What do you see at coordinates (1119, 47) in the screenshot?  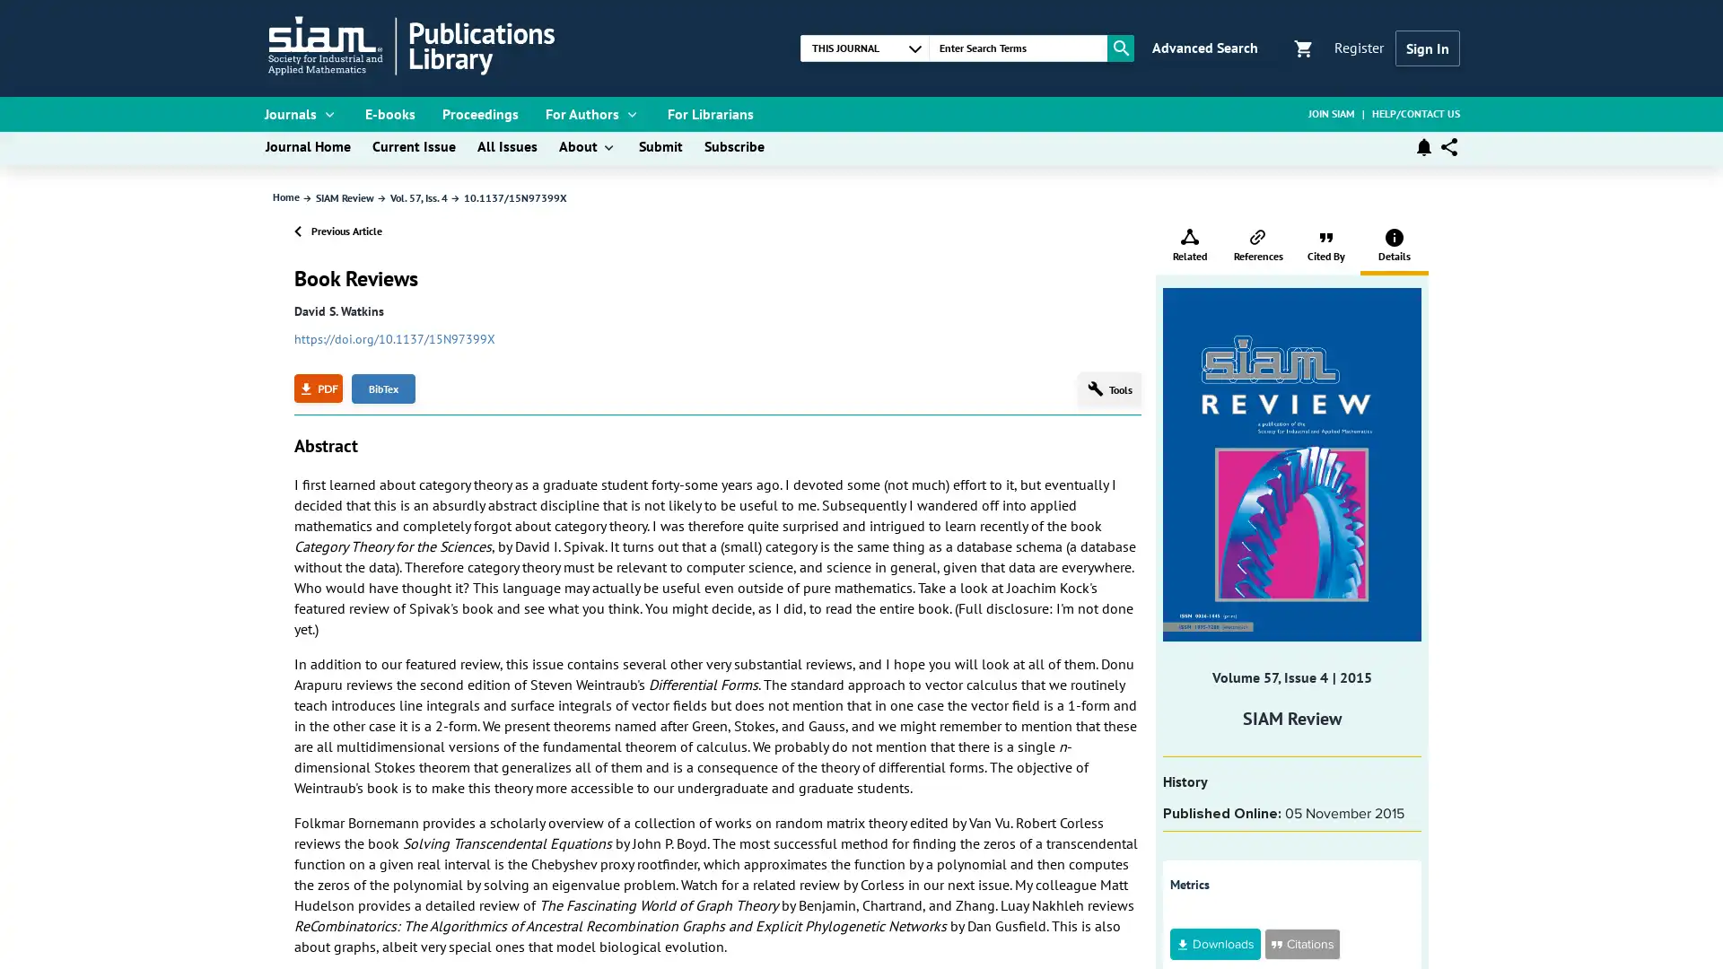 I see `Search` at bounding box center [1119, 47].